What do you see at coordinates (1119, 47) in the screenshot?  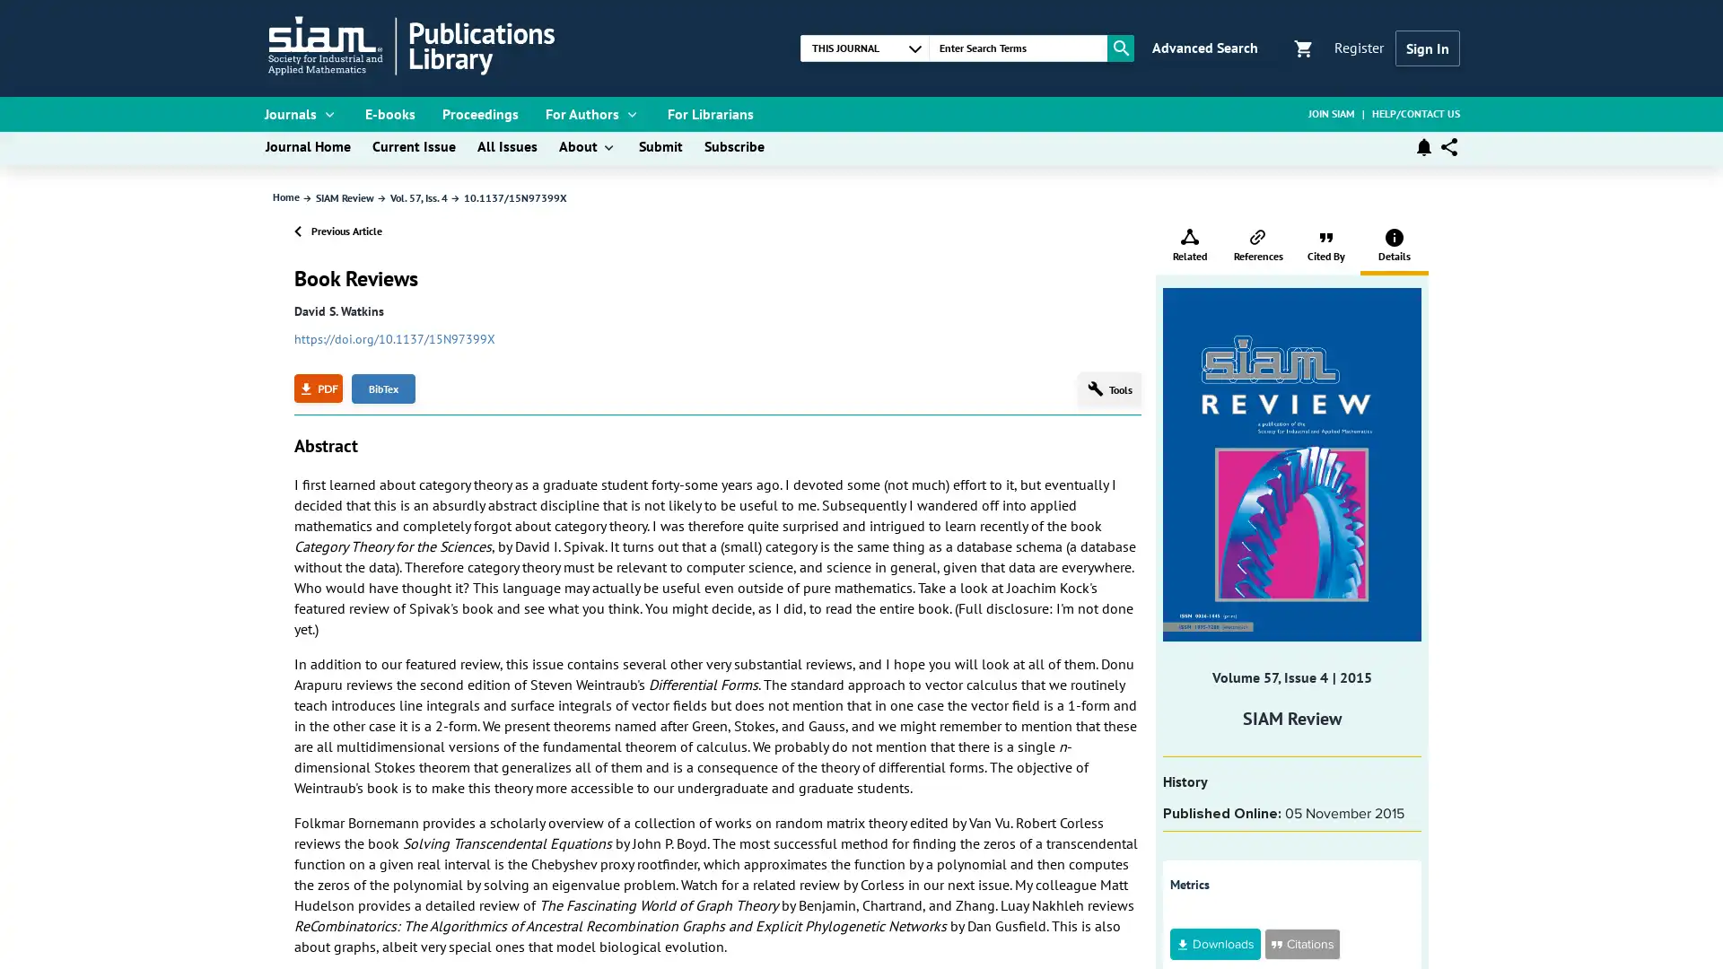 I see `Search` at bounding box center [1119, 47].